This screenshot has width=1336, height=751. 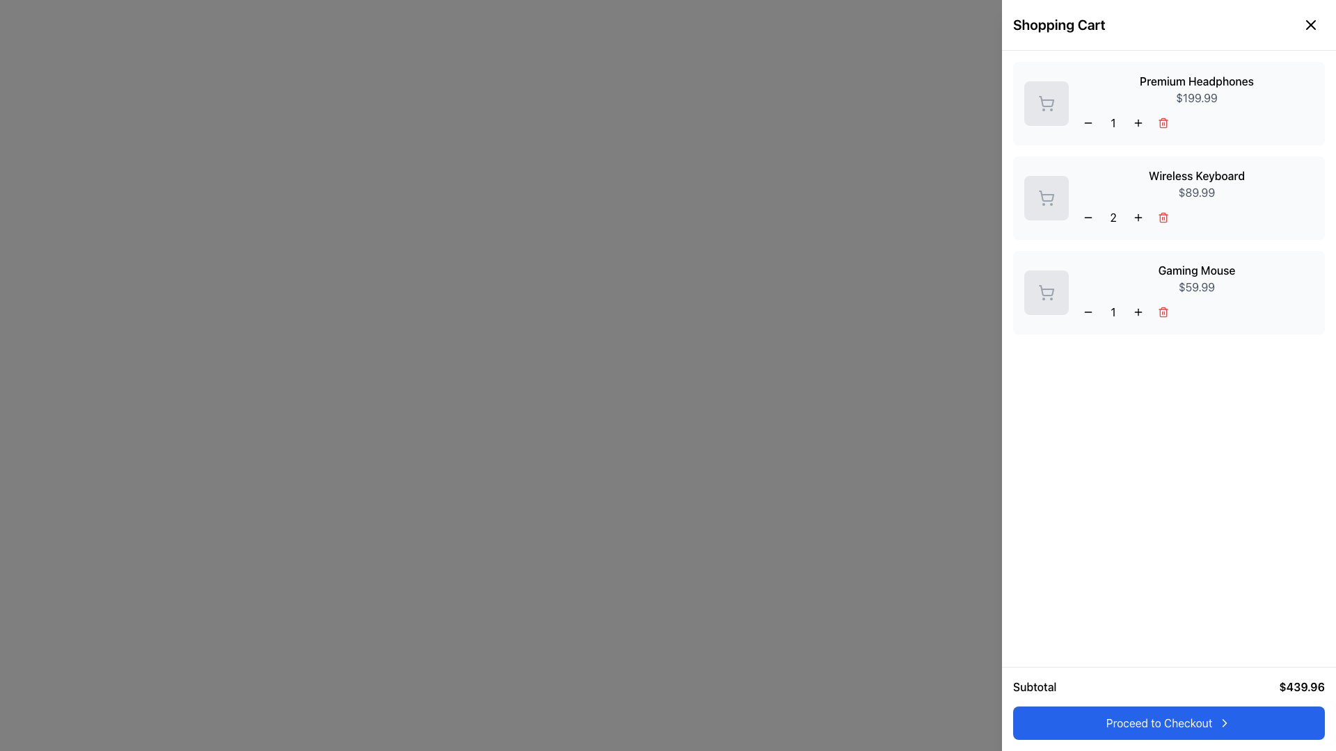 What do you see at coordinates (1195, 175) in the screenshot?
I see `the text label displaying 'Wireless Keyboard' located in the second row of the shopping cart section, positioned above the price information of the item` at bounding box center [1195, 175].